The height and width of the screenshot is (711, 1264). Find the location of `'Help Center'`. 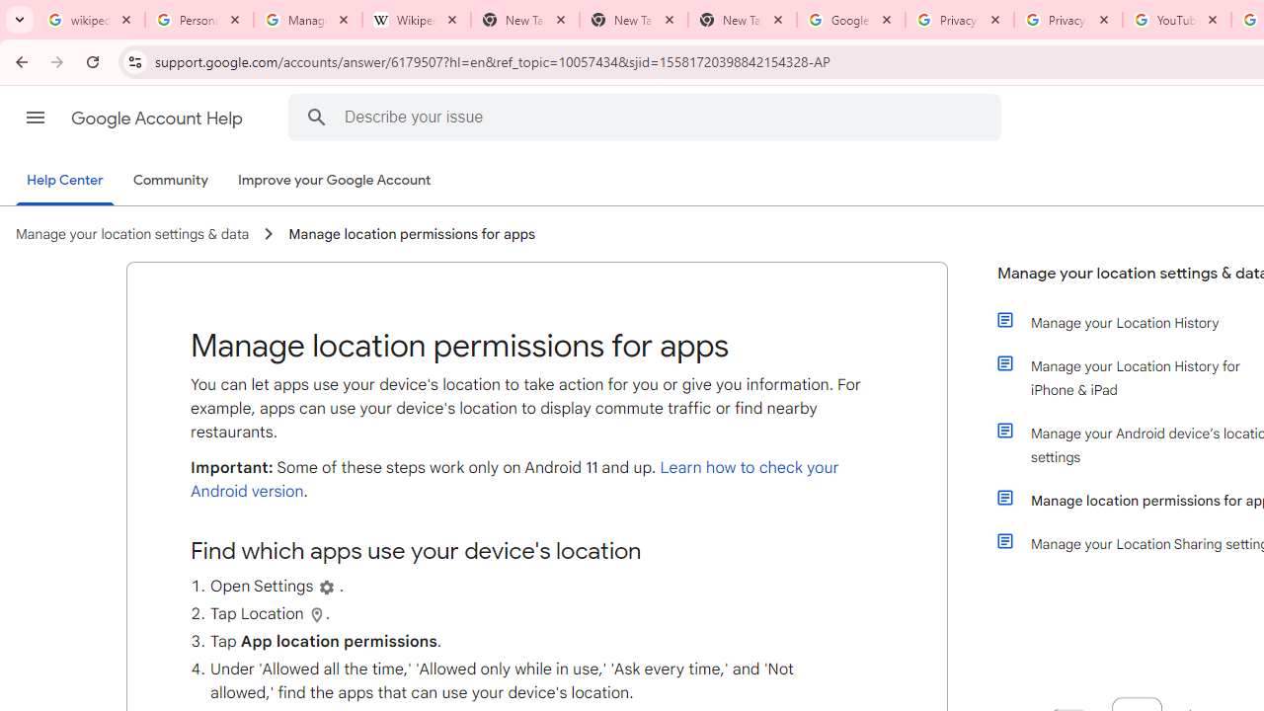

'Help Center' is located at coordinates (64, 181).